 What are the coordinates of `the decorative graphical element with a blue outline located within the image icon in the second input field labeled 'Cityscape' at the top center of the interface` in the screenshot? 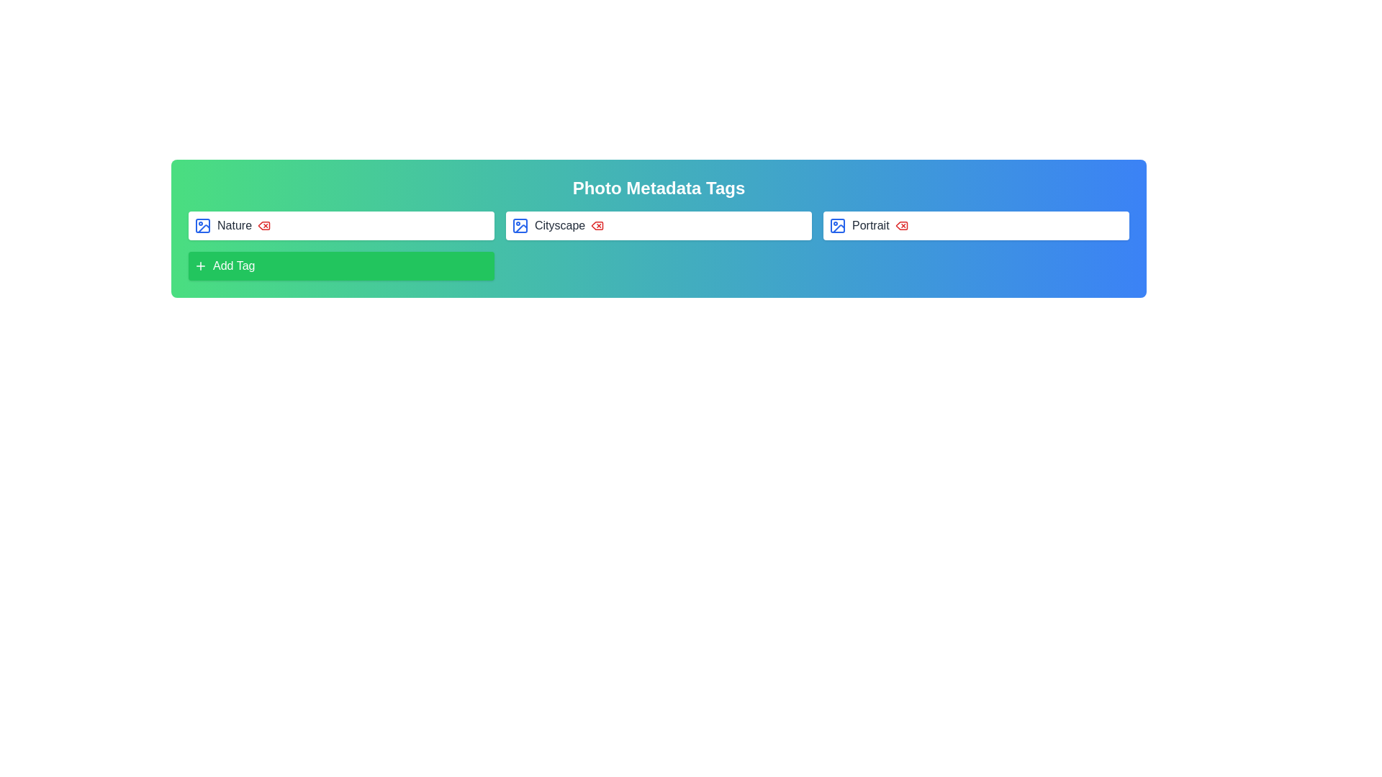 It's located at (520, 225).